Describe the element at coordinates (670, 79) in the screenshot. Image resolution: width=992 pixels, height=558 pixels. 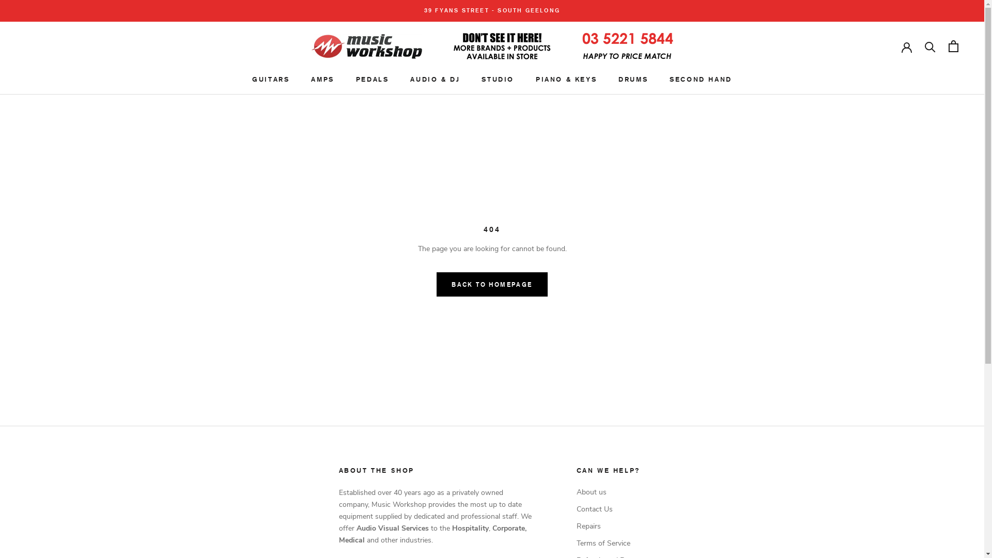
I see `'SECOND HAND` at that location.